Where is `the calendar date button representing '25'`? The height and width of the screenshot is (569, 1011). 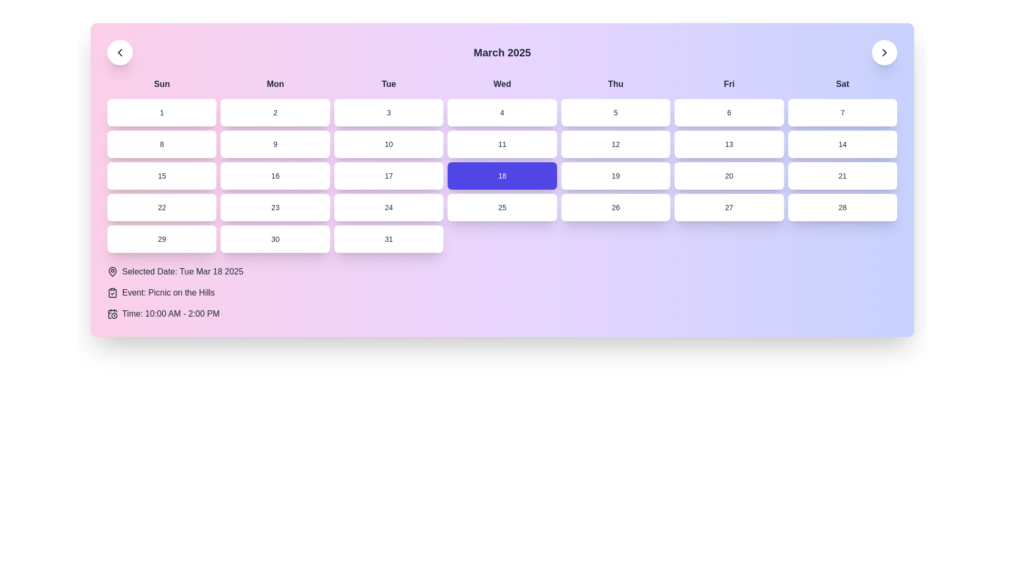 the calendar date button representing '25' is located at coordinates (502, 207).